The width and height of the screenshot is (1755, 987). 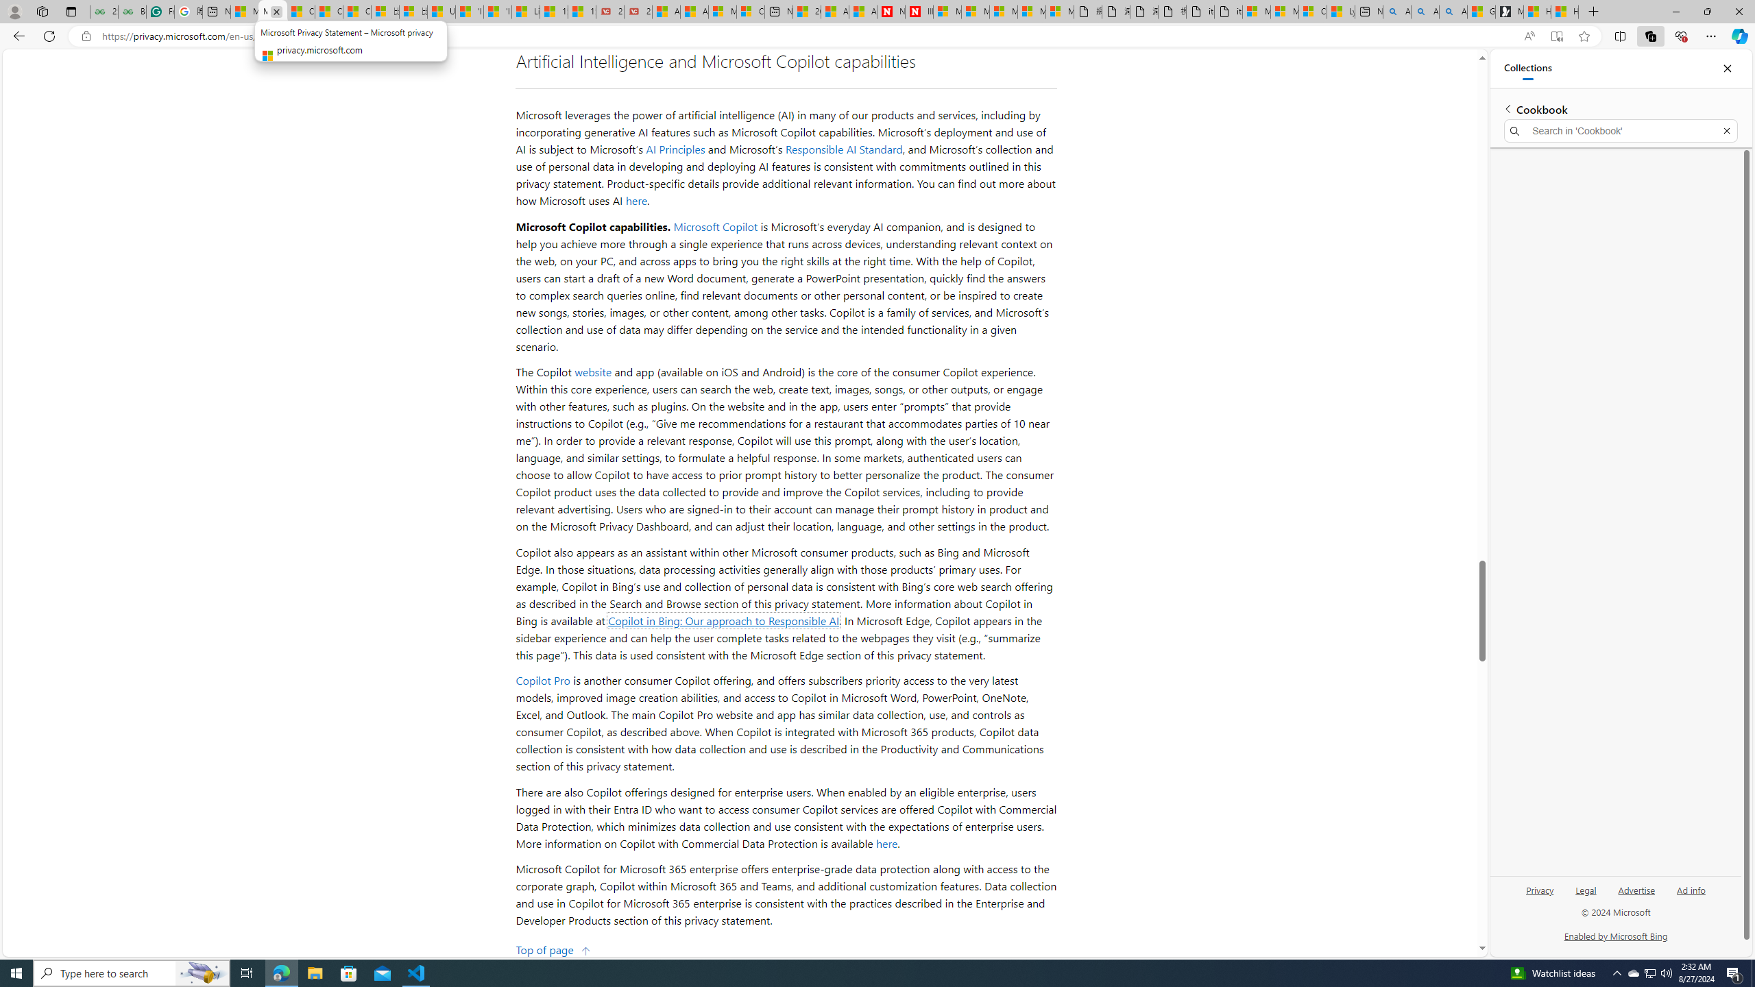 I want to click on 'Copilot Pro', so click(x=542, y=679).